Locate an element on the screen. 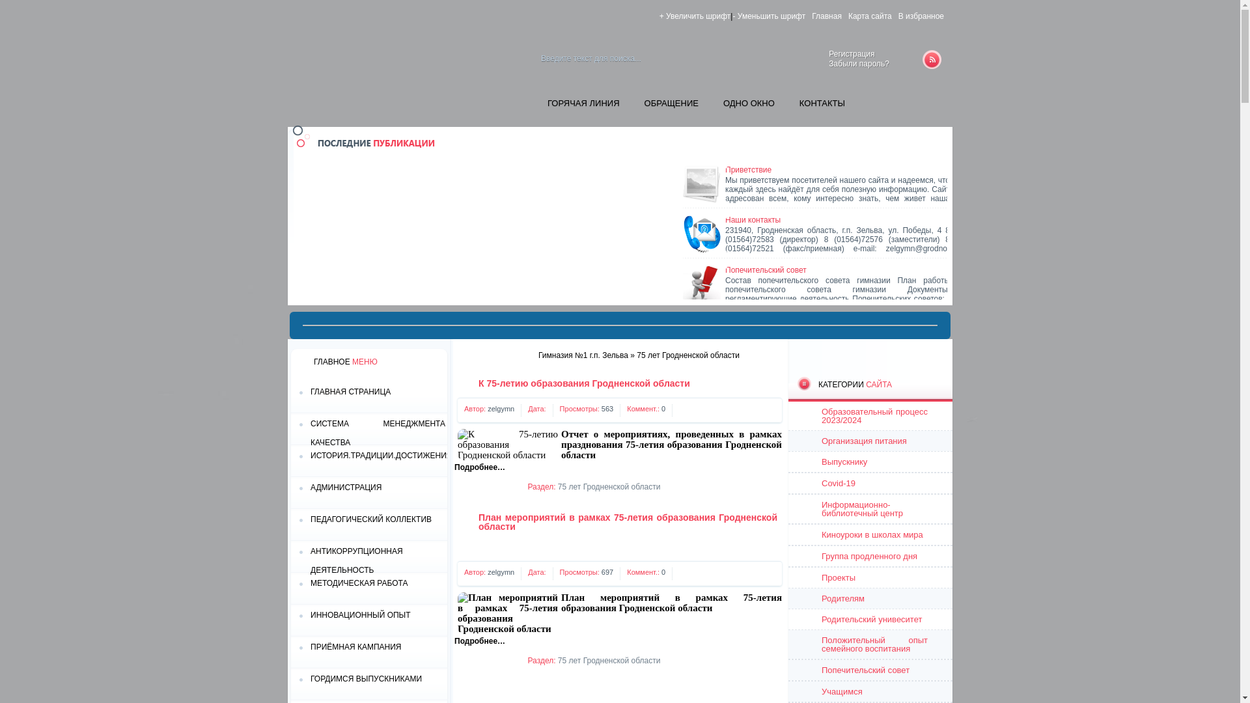 This screenshot has height=703, width=1250. 'Covid-19' is located at coordinates (870, 483).